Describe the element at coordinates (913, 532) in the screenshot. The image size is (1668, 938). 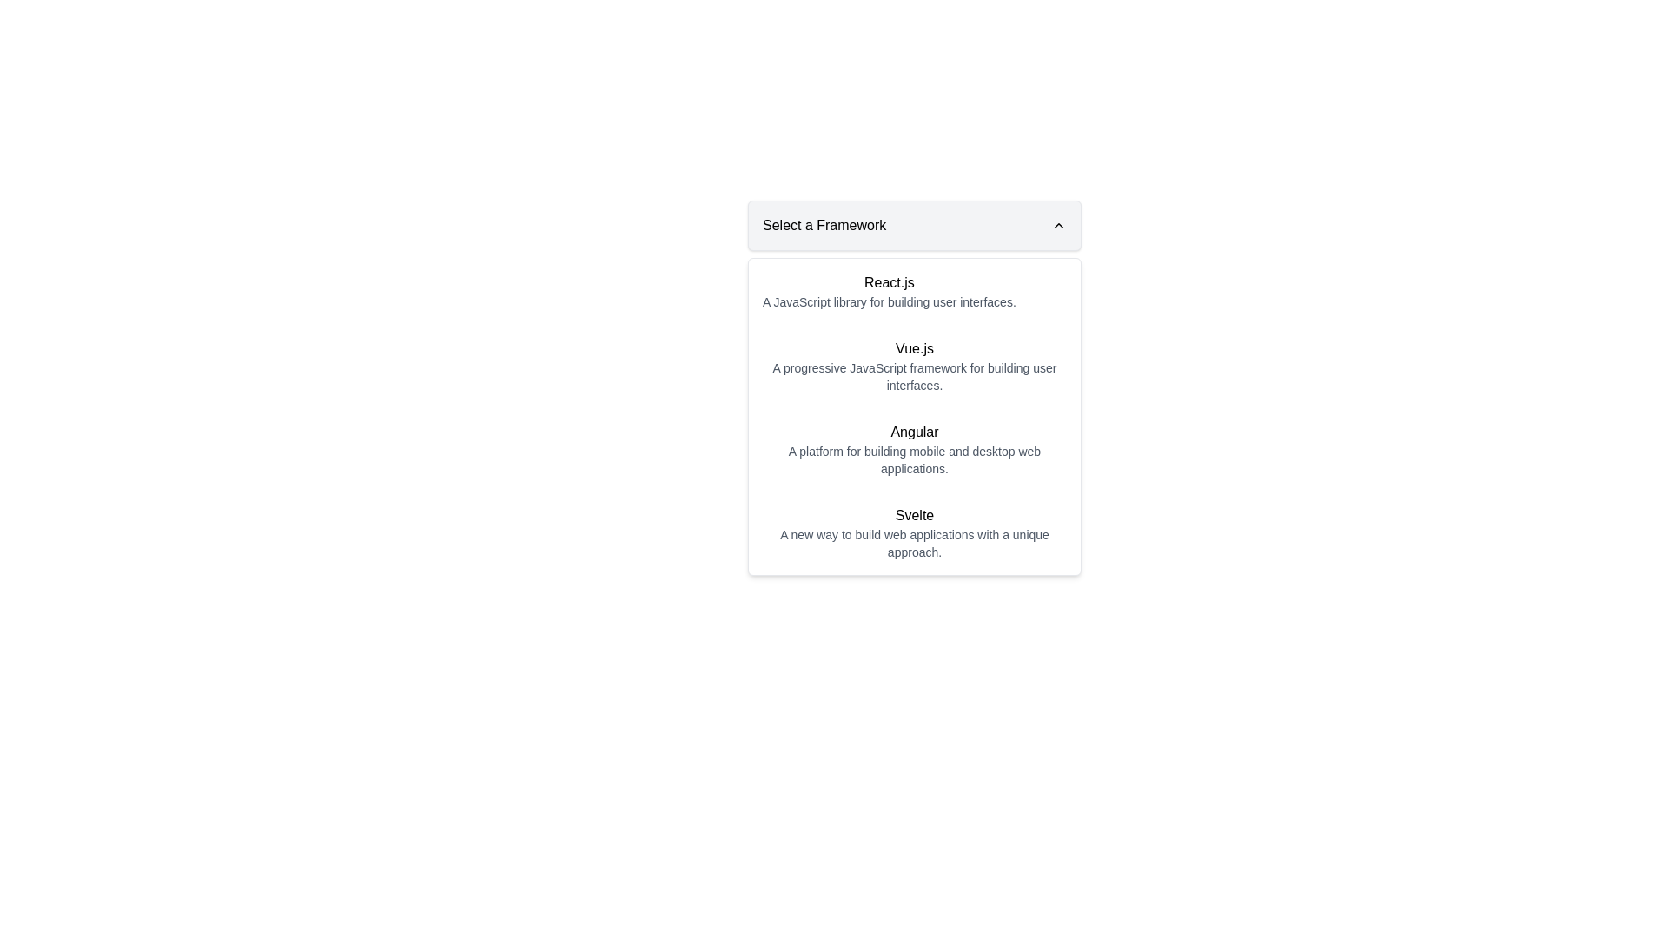
I see `the 'Svelte' framework option card, which is the fourth item in the dropdown menu list` at that location.